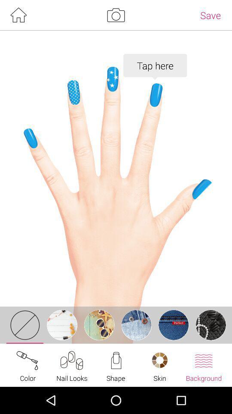 This screenshot has width=232, height=414. I want to click on home icon which is at the top left corner, so click(18, 15).